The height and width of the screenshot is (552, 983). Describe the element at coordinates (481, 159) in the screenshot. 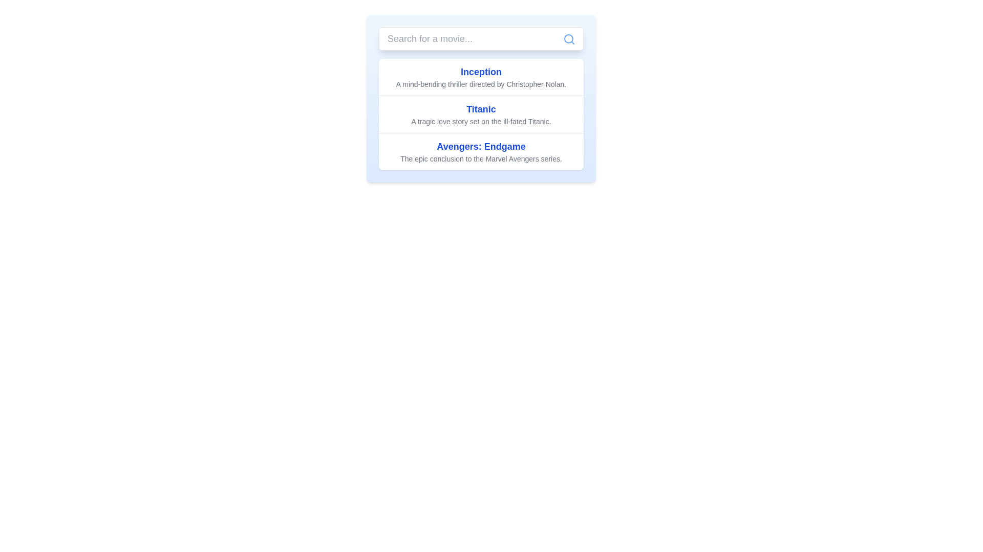

I see `the Text Label that provides a description for the item 'Avengers: Endgame', which is positioned below the title text in the list item structure` at that location.